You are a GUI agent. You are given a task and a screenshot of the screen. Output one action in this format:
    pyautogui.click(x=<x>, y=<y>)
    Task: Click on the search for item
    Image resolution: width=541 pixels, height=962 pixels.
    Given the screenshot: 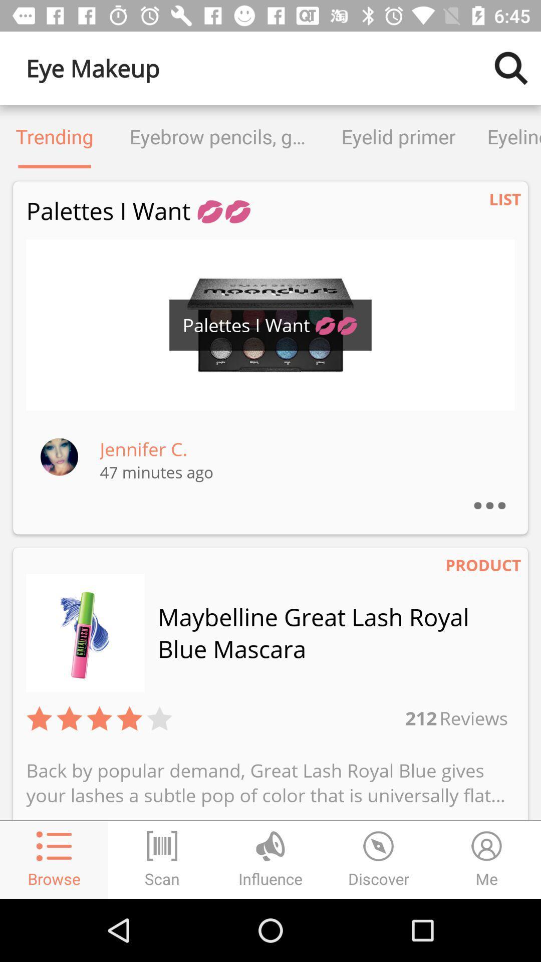 What is the action you would take?
    pyautogui.click(x=511, y=68)
    